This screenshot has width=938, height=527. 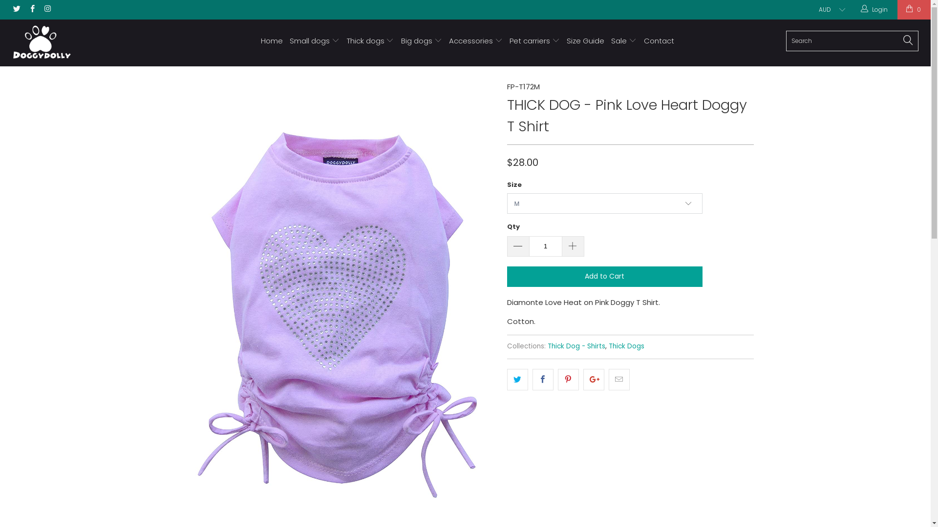 What do you see at coordinates (914, 9) in the screenshot?
I see `'0'` at bounding box center [914, 9].